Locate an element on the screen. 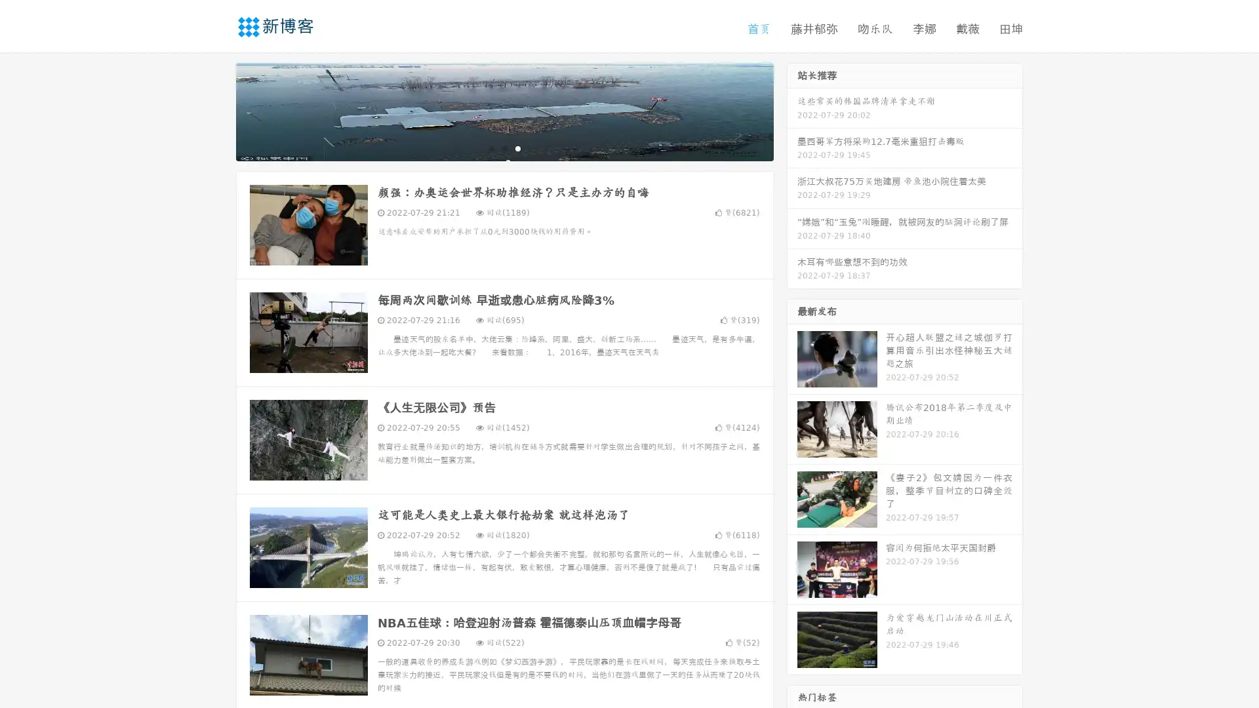  Go to slide 2 is located at coordinates (504, 147).